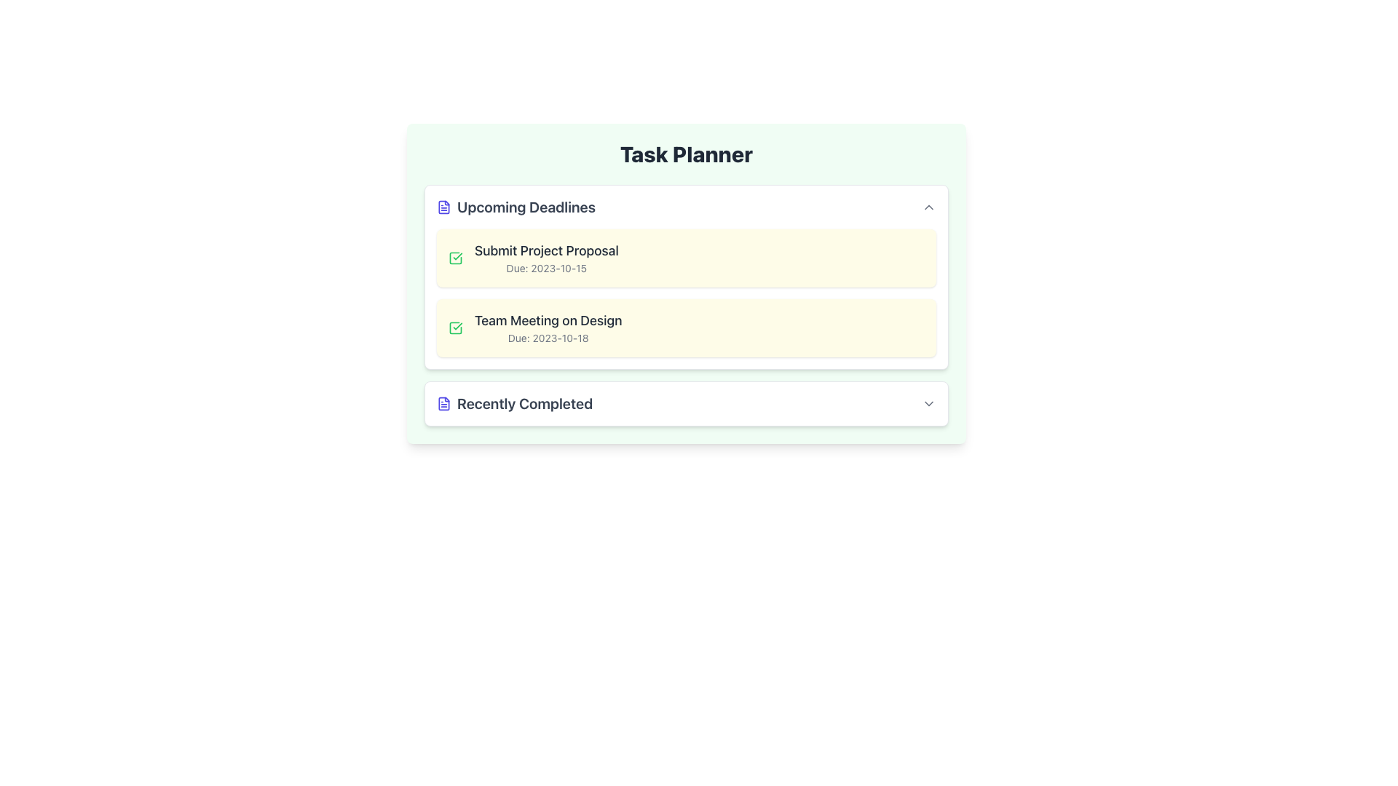 Image resolution: width=1398 pixels, height=786 pixels. I want to click on the minimal document icon located to the far left of the 'Upcoming Deadlines' section heading, so click(443, 207).